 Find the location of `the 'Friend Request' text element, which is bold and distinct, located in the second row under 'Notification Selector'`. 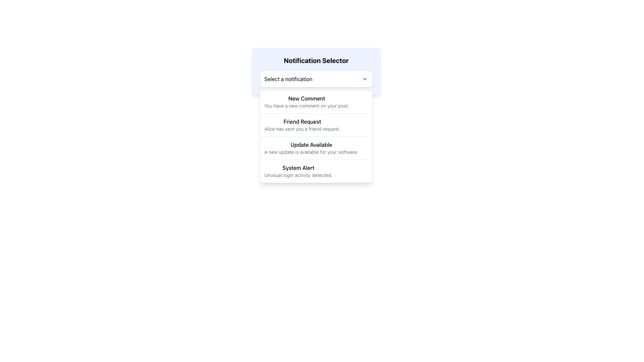

the 'Friend Request' text element, which is bold and distinct, located in the second row under 'Notification Selector' is located at coordinates (302, 121).